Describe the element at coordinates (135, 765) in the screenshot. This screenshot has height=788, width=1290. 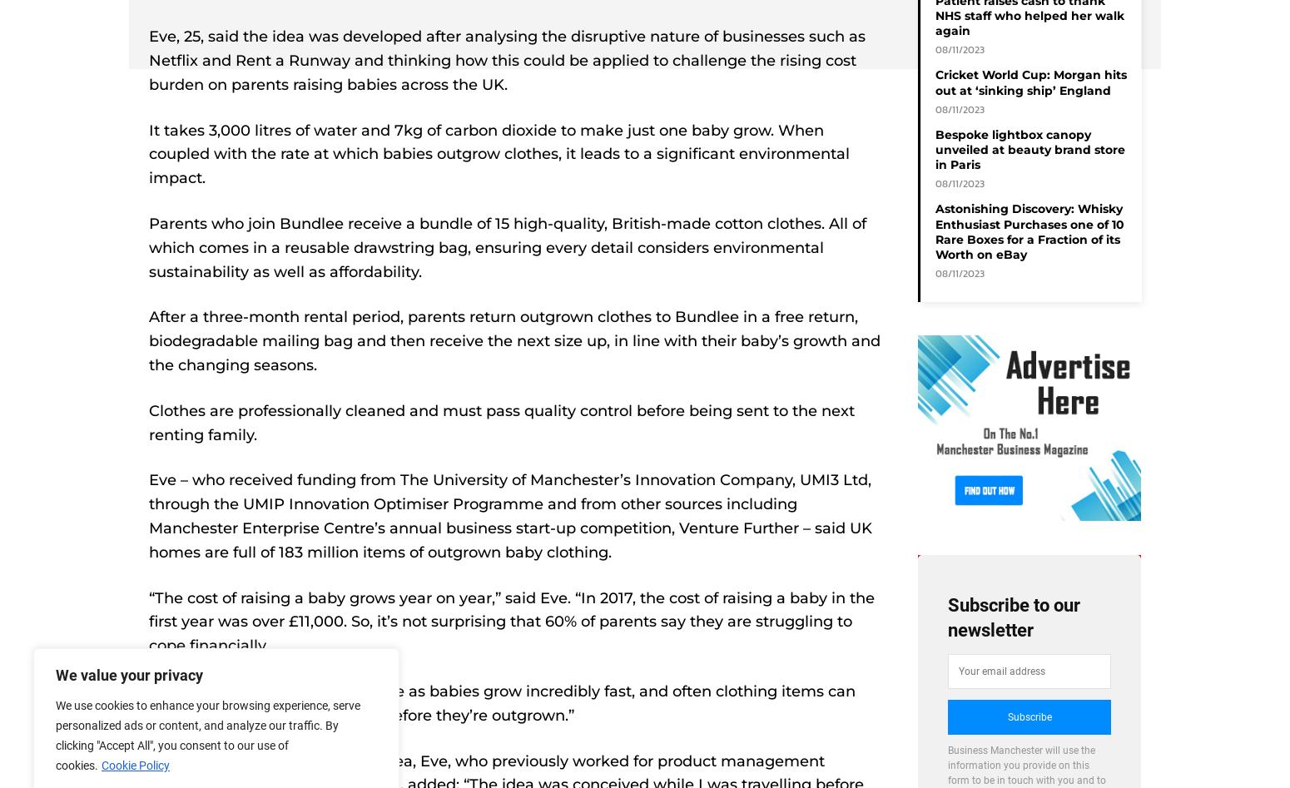
I see `'Cookie Policy'` at that location.